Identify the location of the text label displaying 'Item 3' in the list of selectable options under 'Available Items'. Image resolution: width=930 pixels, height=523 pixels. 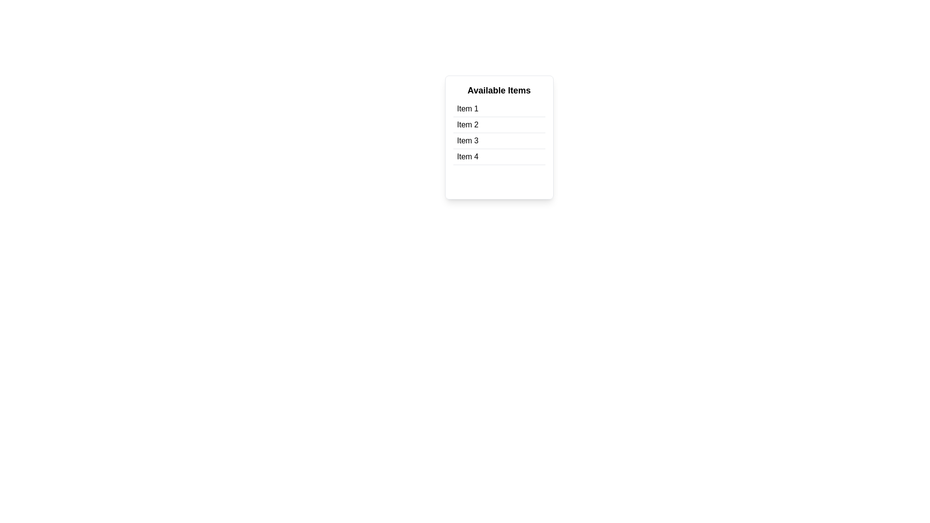
(467, 140).